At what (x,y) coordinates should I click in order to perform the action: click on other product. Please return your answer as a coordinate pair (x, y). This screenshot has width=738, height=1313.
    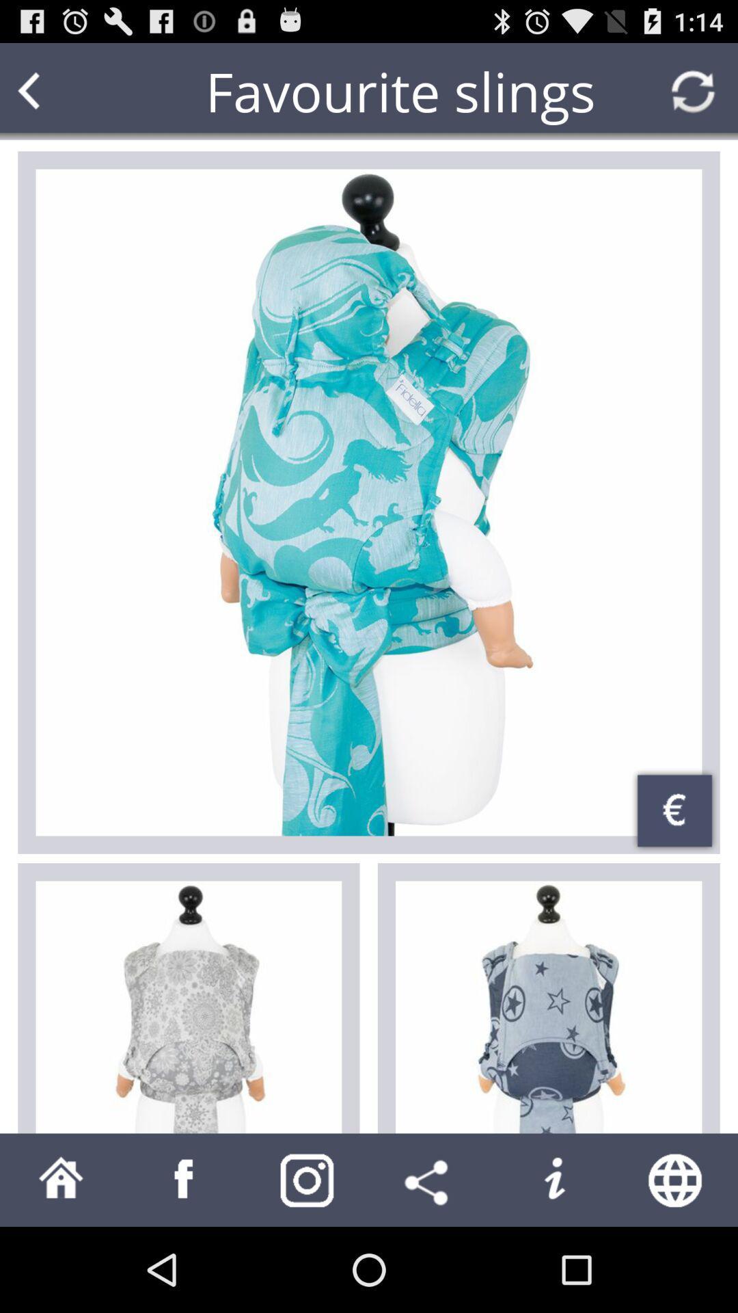
    Looking at the image, I should click on (548, 1007).